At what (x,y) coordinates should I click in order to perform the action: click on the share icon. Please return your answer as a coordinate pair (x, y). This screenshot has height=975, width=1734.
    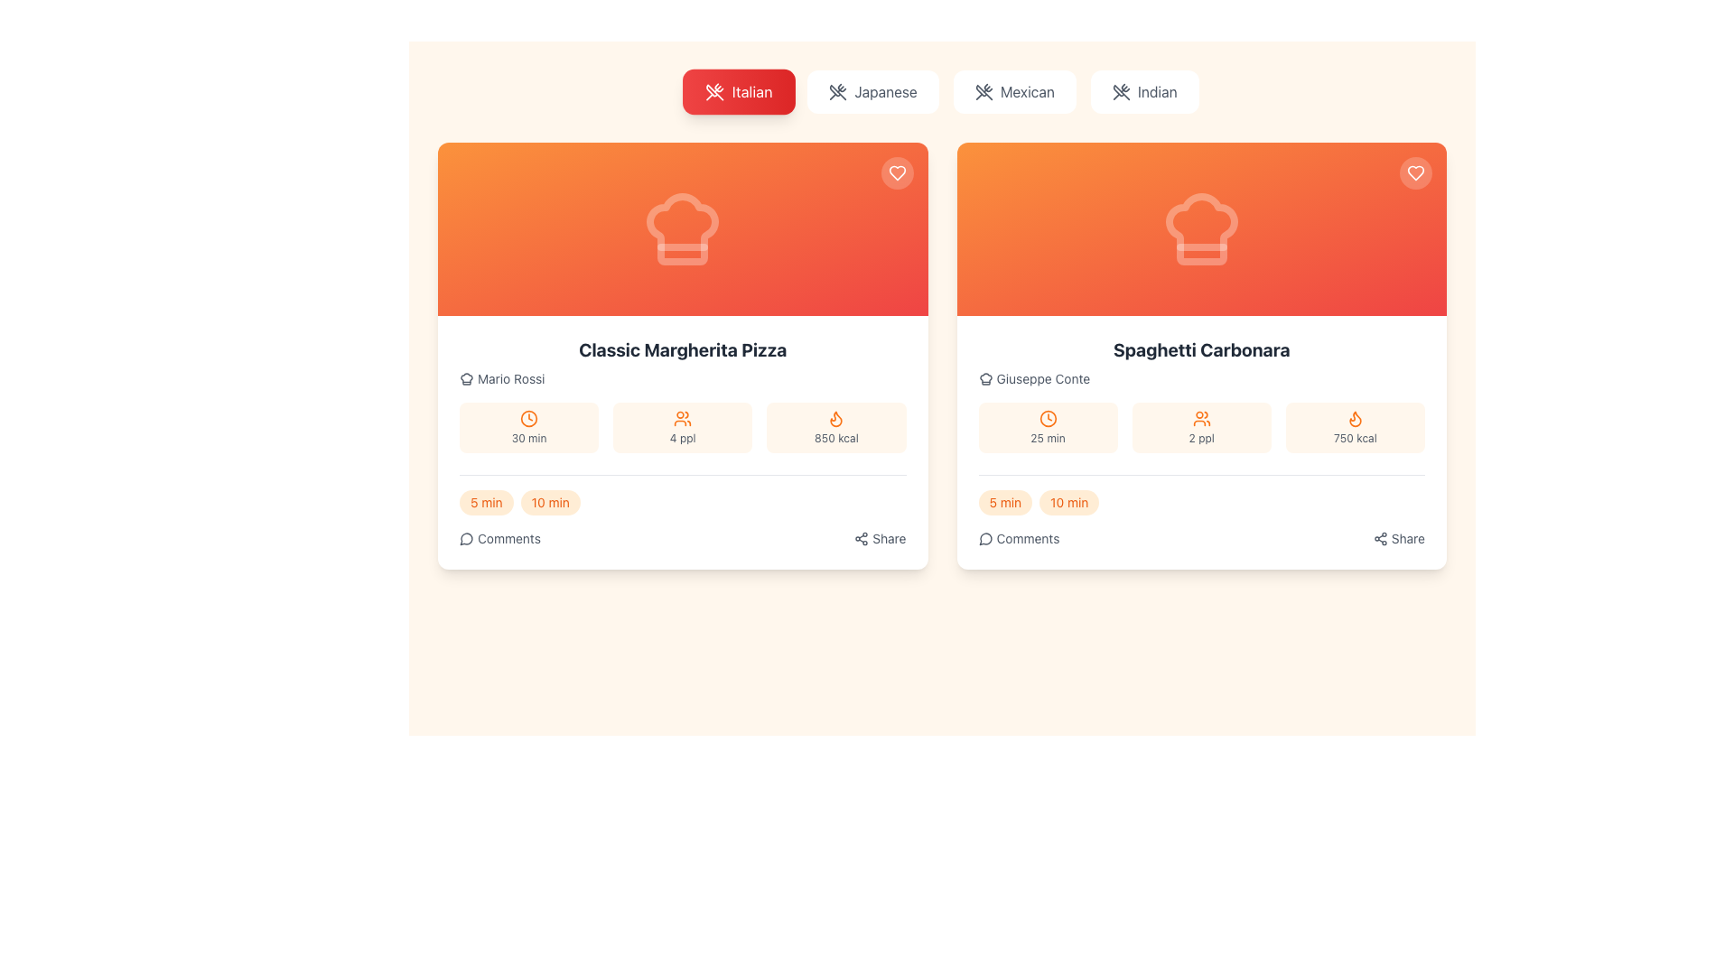
    Looking at the image, I should click on (861, 538).